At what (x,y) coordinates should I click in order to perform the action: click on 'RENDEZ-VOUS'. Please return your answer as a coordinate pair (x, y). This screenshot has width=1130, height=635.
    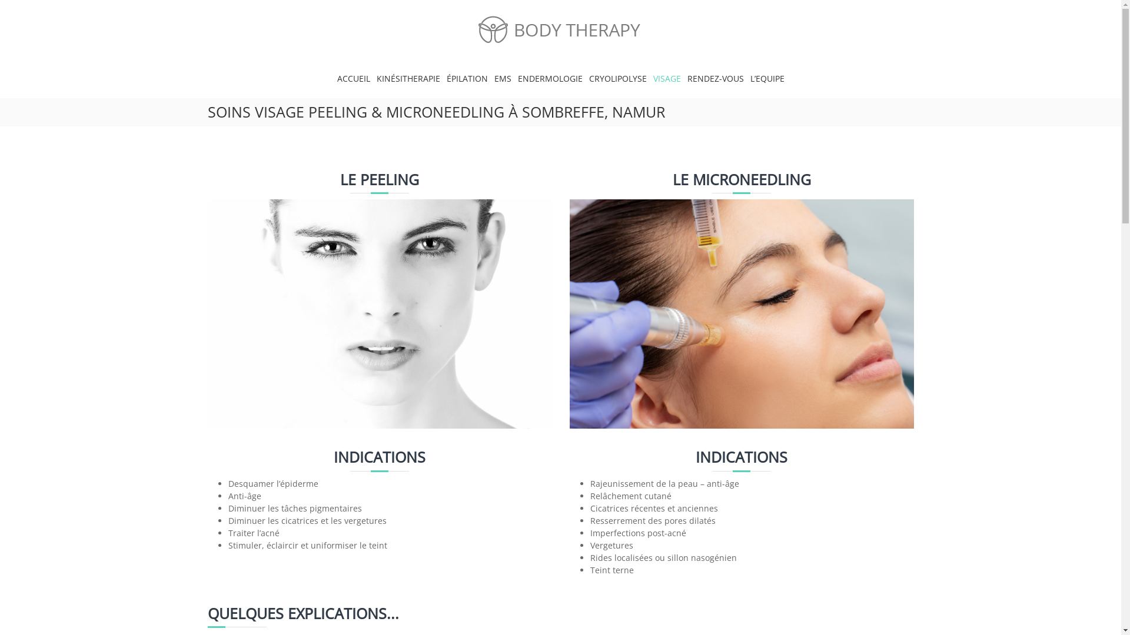
    Looking at the image, I should click on (714, 78).